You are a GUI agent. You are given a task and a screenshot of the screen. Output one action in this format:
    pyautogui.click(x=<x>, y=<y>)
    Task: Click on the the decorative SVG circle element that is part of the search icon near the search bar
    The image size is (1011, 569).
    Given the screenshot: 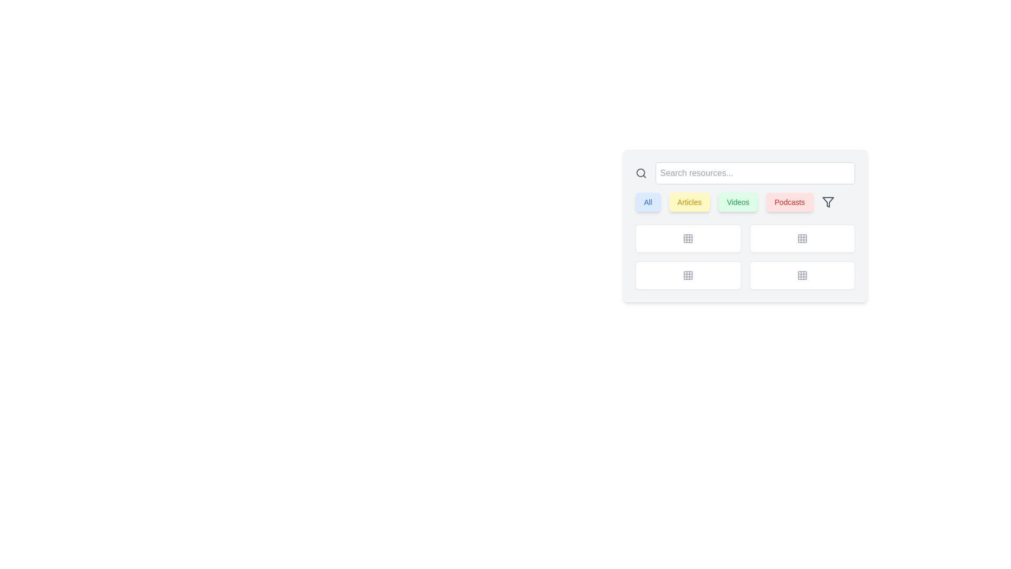 What is the action you would take?
    pyautogui.click(x=640, y=172)
    